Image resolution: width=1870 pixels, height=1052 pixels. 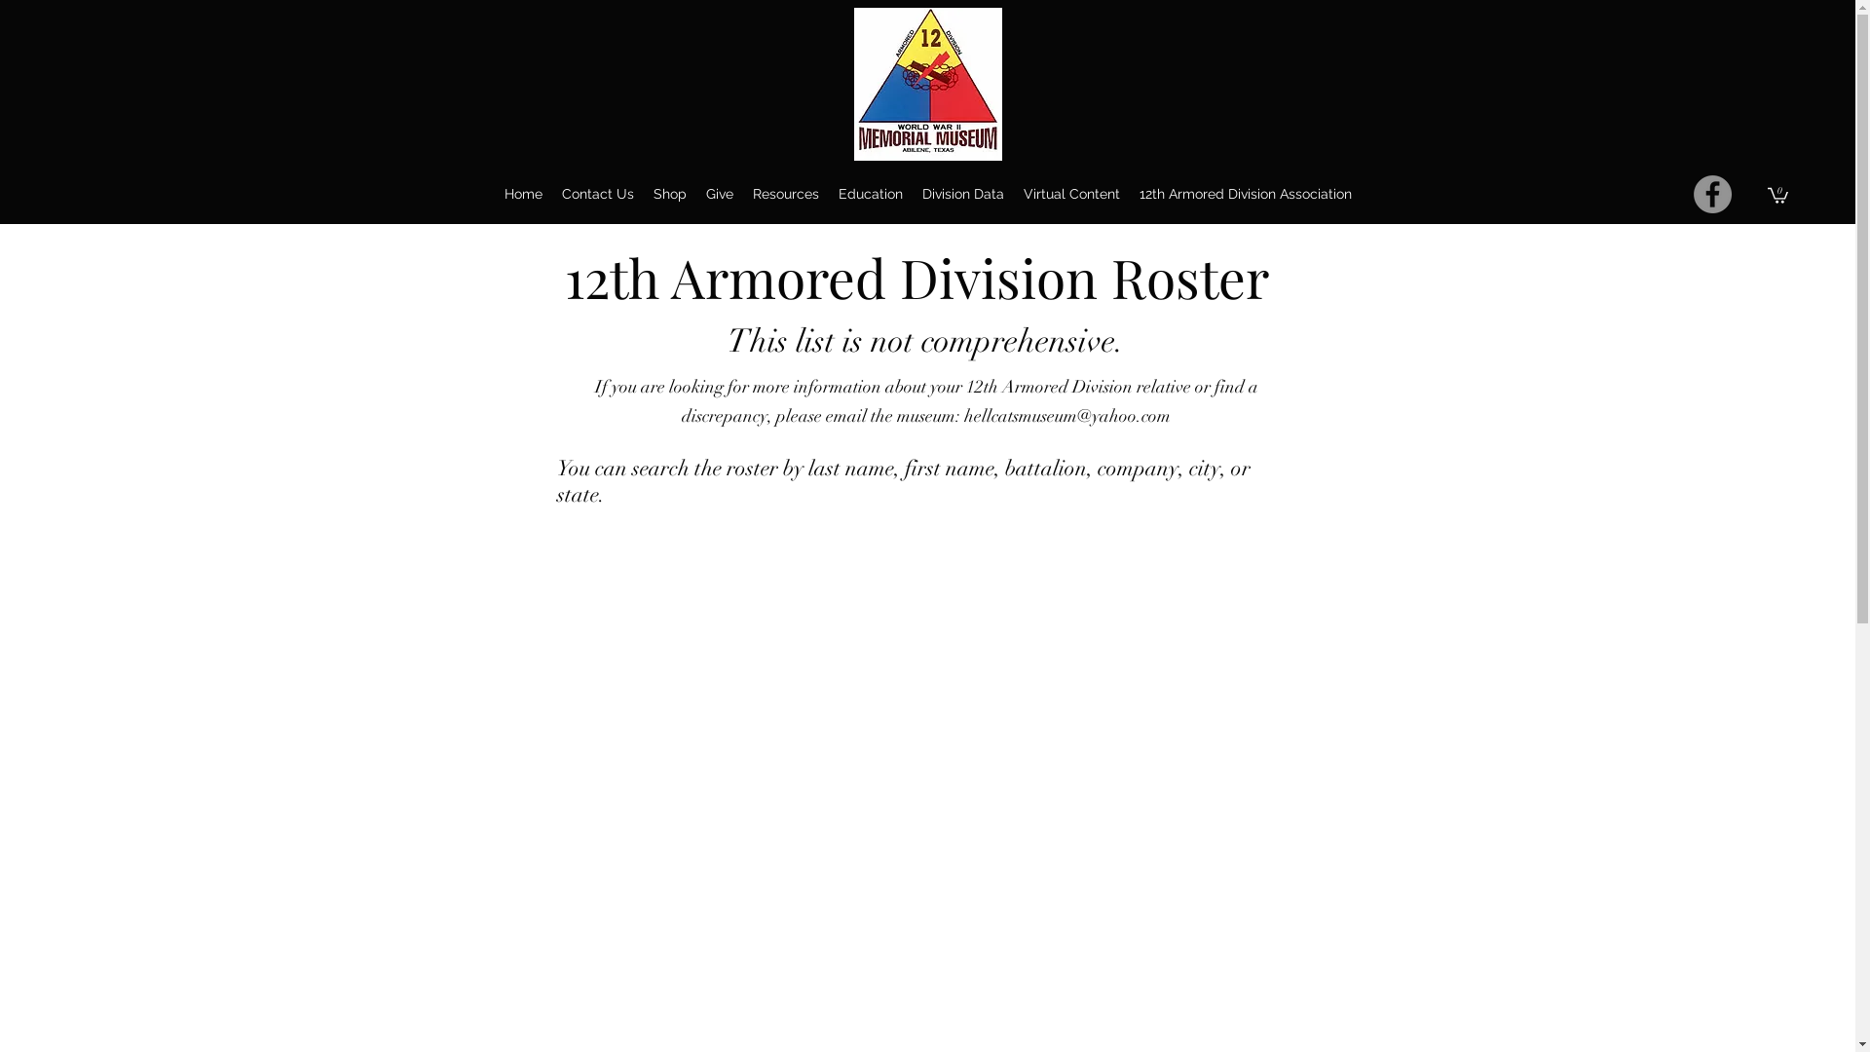 I want to click on 'Education', so click(x=827, y=194).